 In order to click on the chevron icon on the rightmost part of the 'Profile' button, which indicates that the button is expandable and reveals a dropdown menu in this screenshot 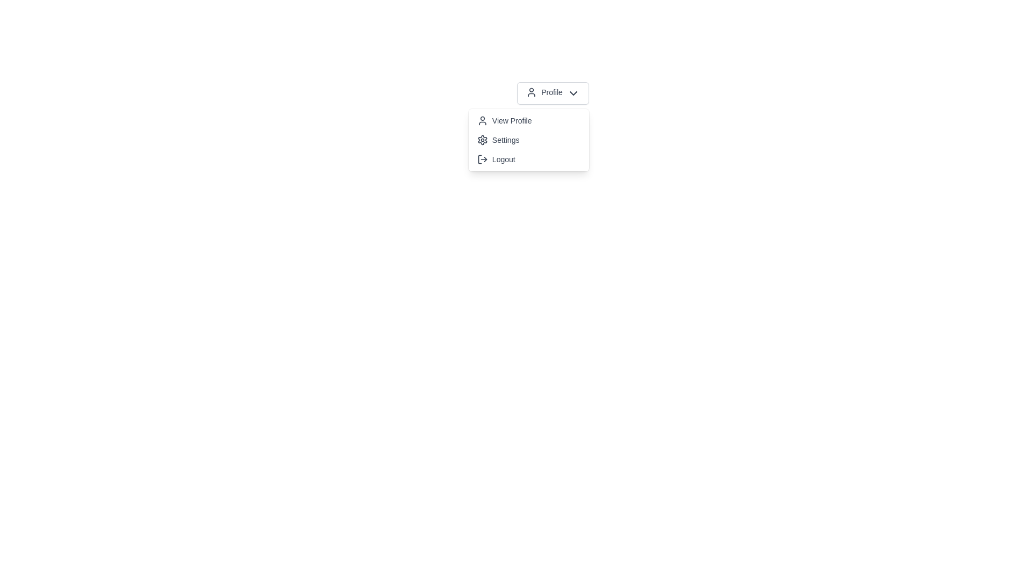, I will do `click(572, 92)`.